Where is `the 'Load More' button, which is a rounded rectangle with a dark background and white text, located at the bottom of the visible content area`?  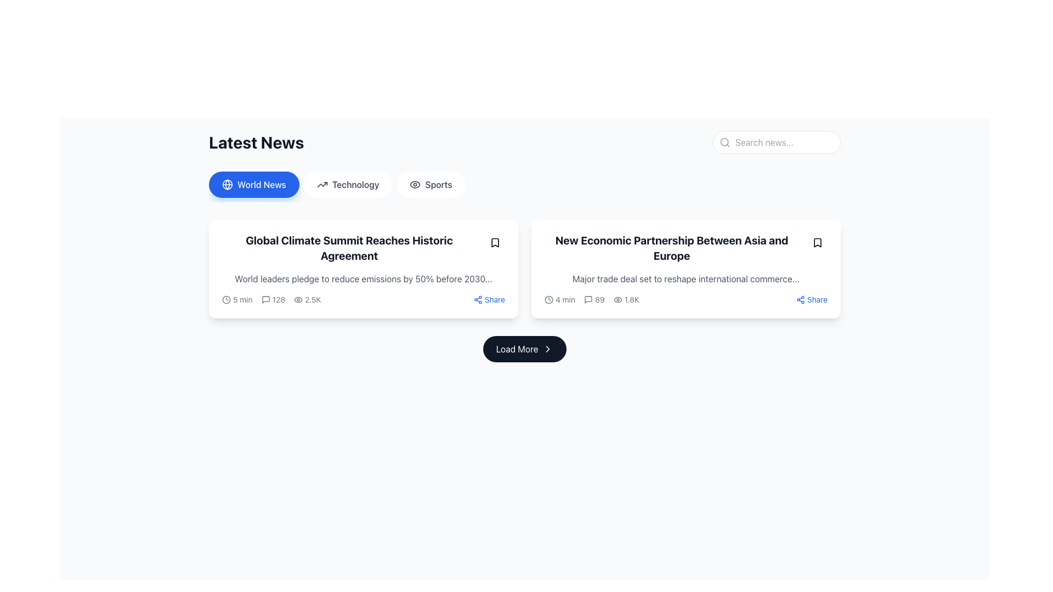 the 'Load More' button, which is a rounded rectangle with a dark background and white text, located at the bottom of the visible content area is located at coordinates (524, 349).